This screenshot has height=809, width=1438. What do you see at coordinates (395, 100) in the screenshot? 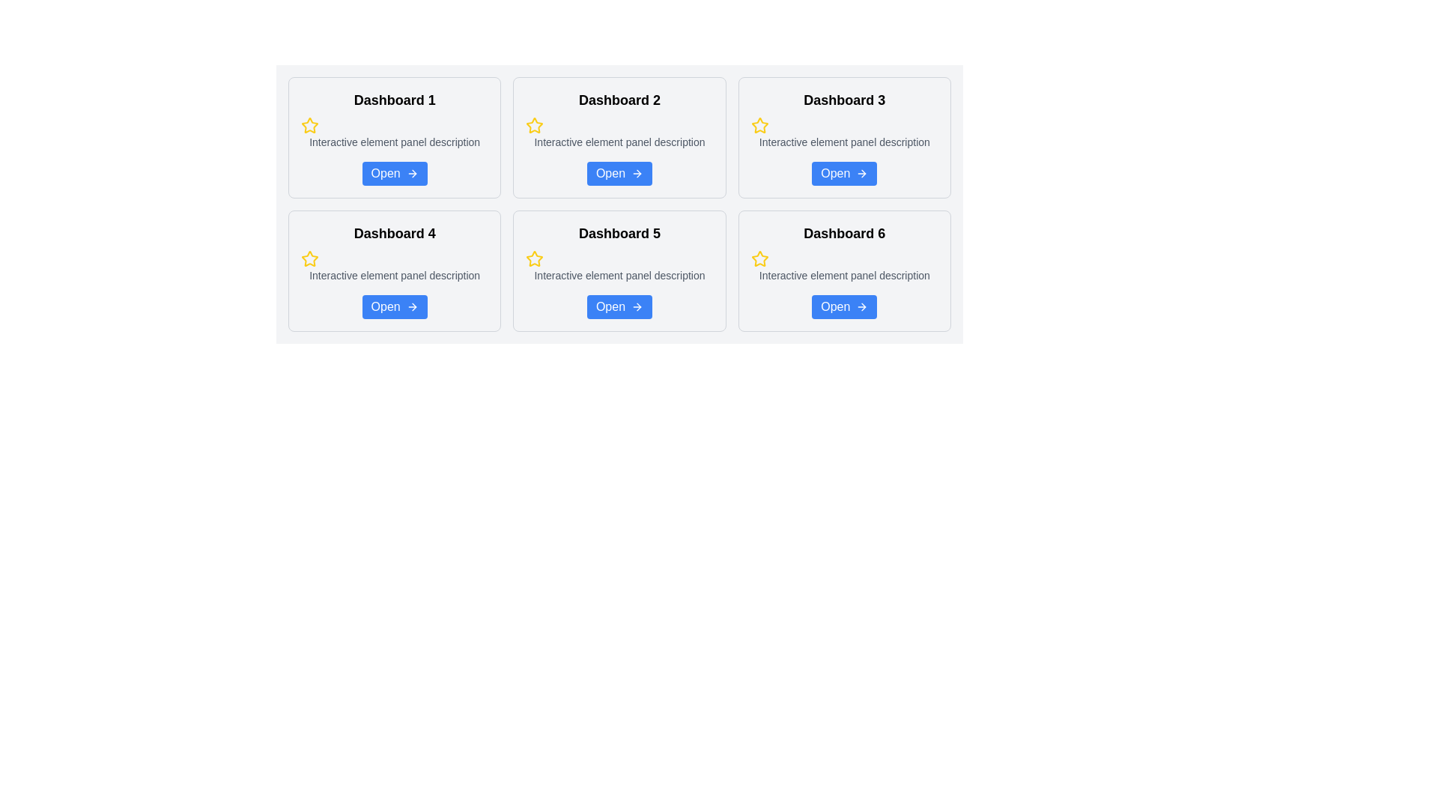
I see `the text label displaying 'Dashboard 1' at the top center of the card` at bounding box center [395, 100].